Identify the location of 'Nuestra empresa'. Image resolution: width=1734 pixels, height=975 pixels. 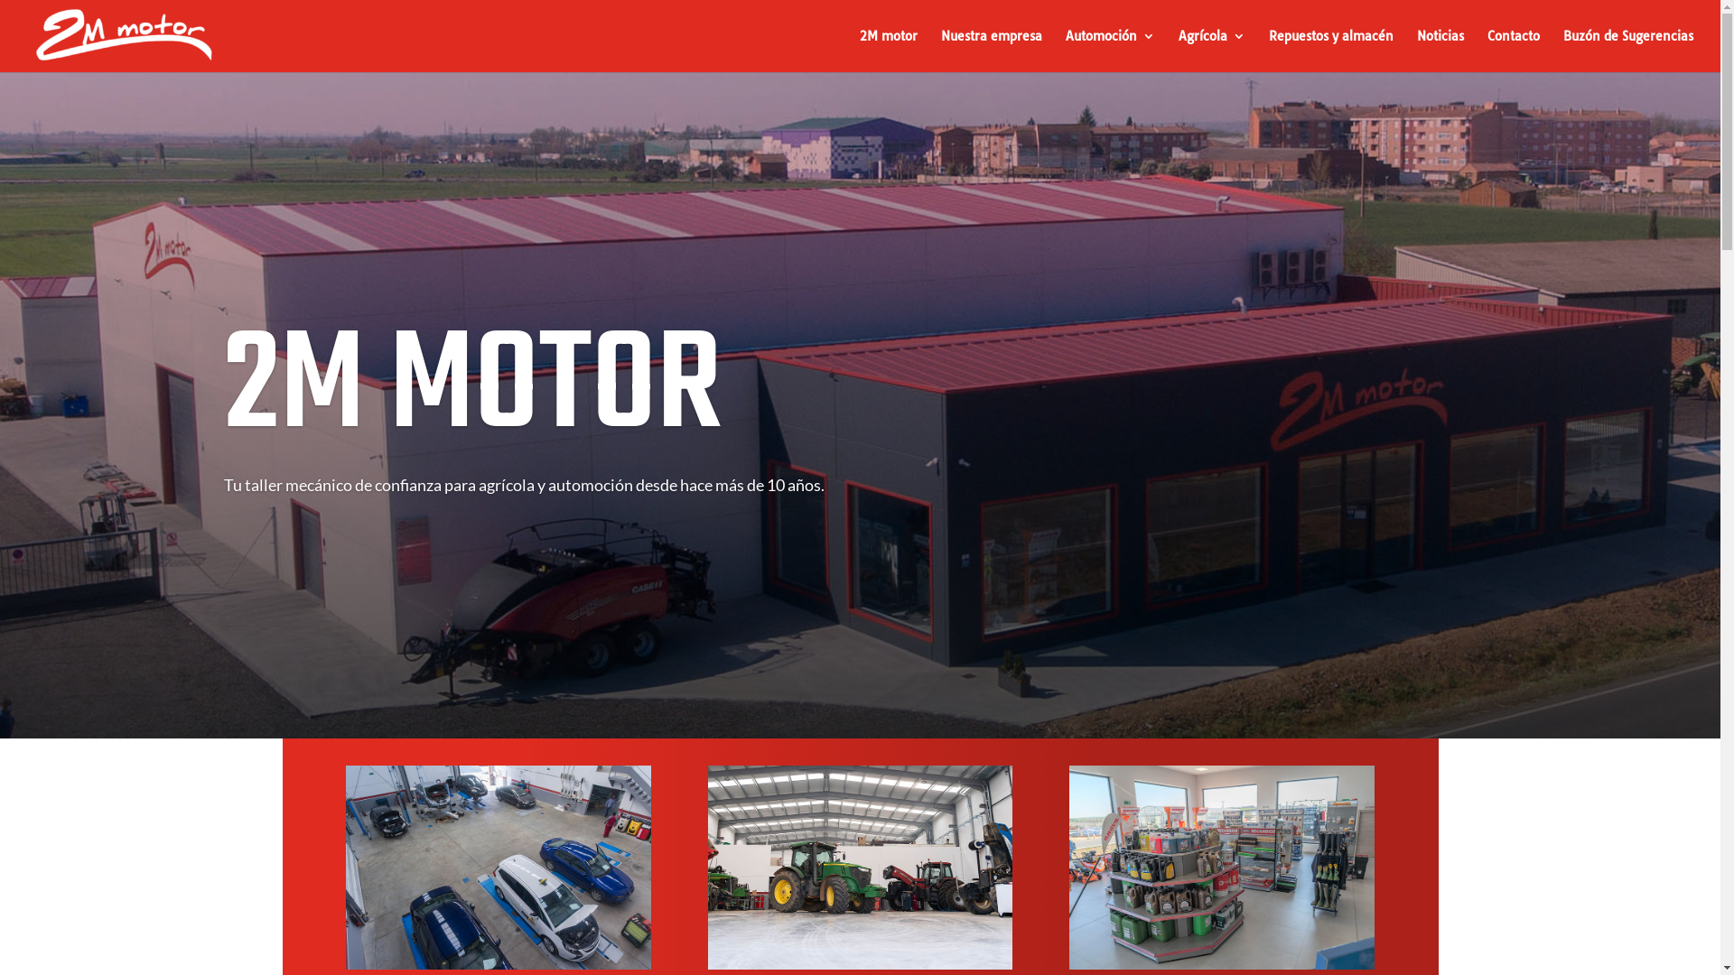
(939, 50).